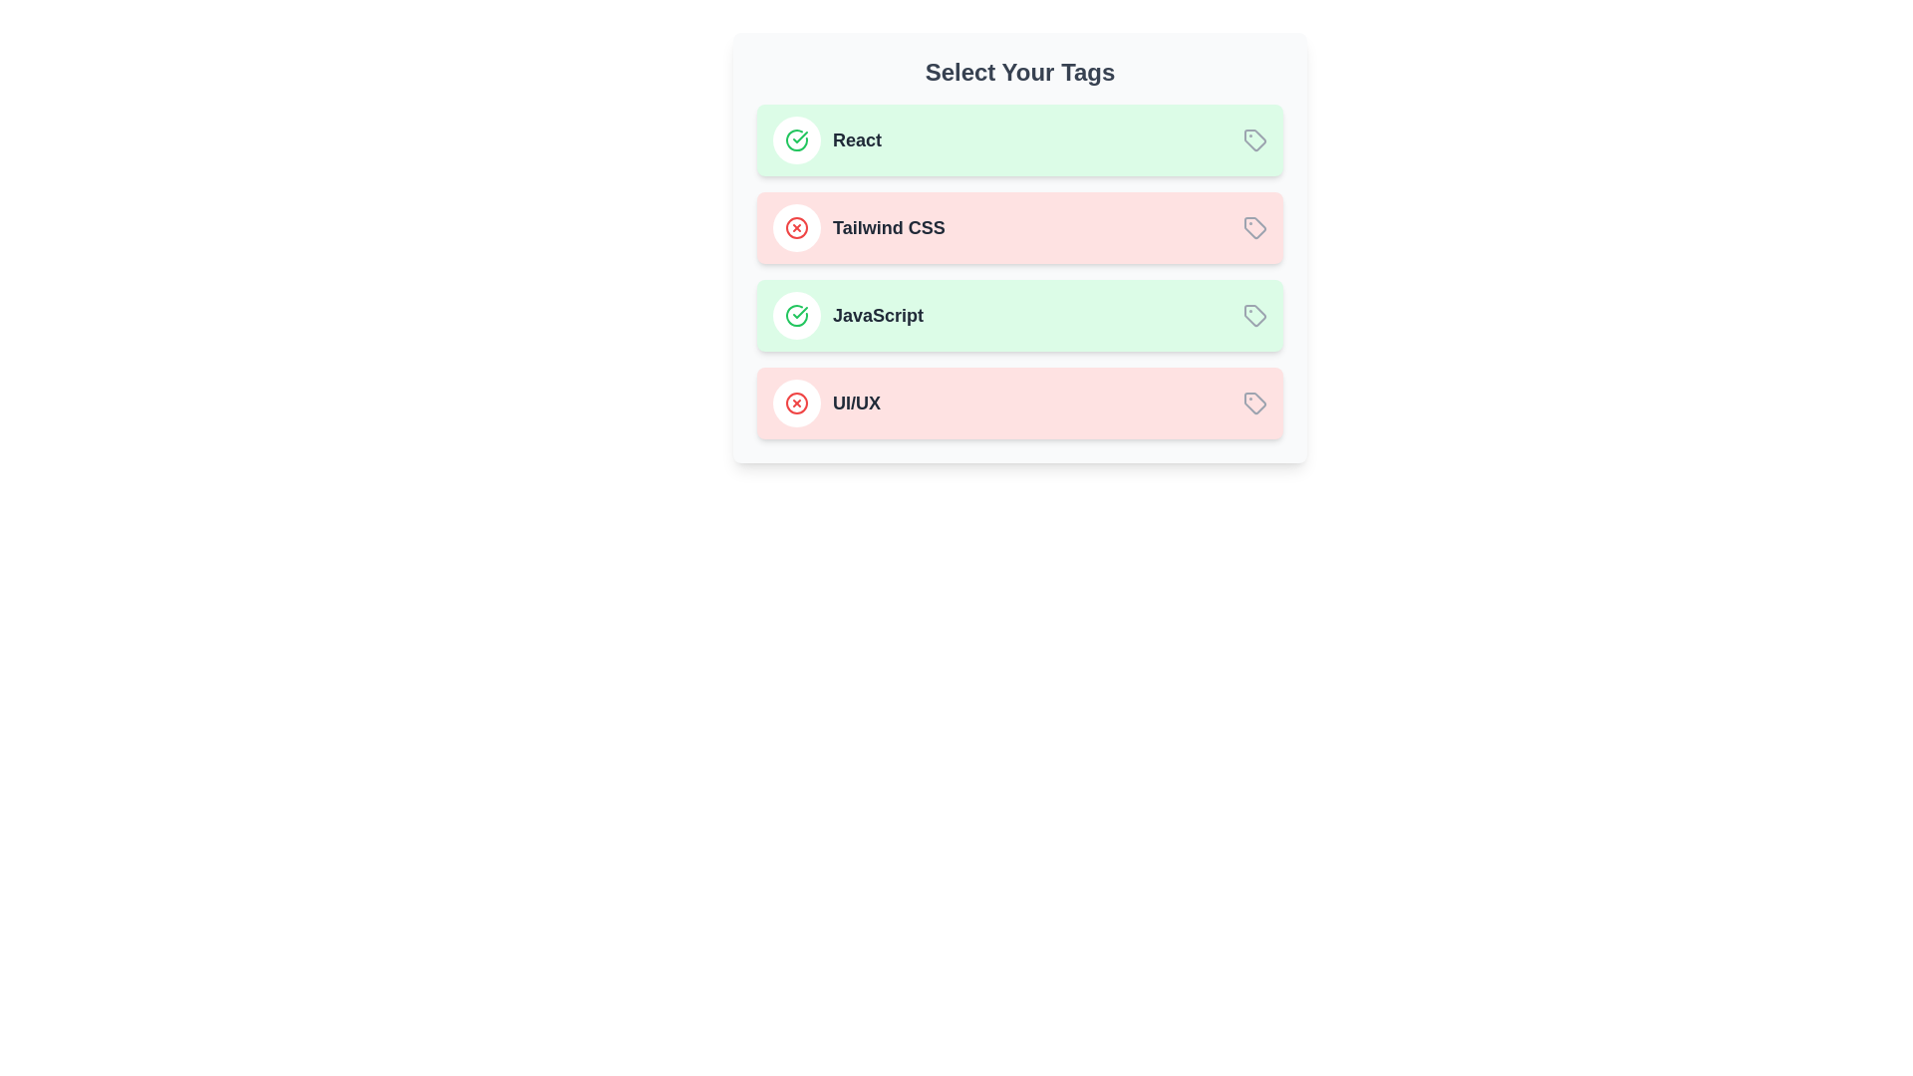 This screenshot has height=1076, width=1913. Describe the element at coordinates (827, 139) in the screenshot. I see `the selectable Tag item indicating the tag 'React' in the topmost row of the 'Select Your Tags' list` at that location.